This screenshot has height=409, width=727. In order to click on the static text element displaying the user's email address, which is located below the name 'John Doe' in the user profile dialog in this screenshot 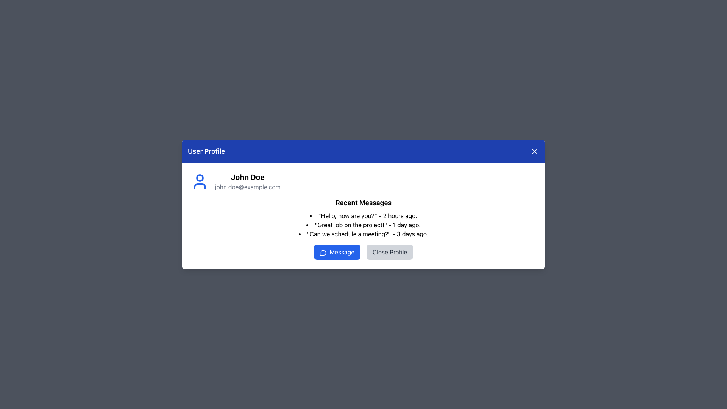, I will do `click(248, 187)`.